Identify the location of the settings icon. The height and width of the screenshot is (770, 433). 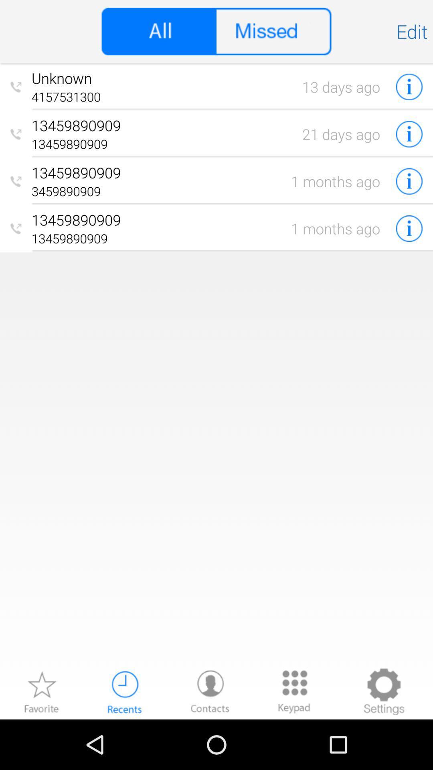
(383, 740).